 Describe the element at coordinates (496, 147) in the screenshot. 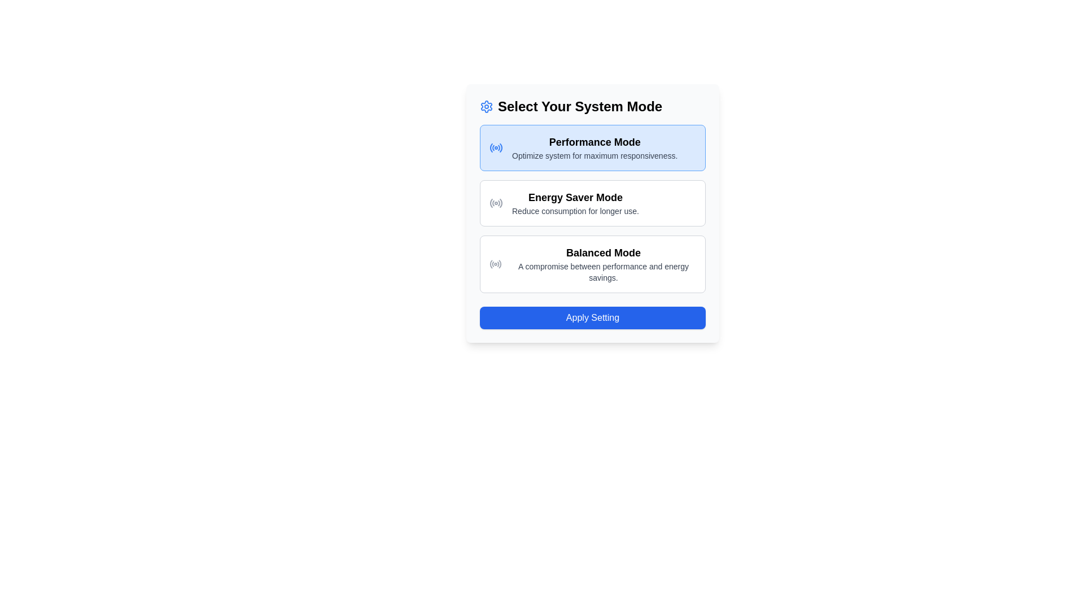

I see `the 'Performance Mode' icon represented as an SVG, which indicates the selected system setting on the left side of the selection panel` at that location.